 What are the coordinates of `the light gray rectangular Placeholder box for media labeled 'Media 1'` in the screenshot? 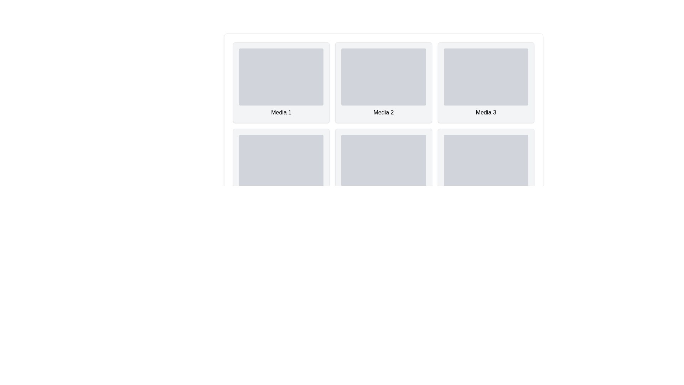 It's located at (281, 77).